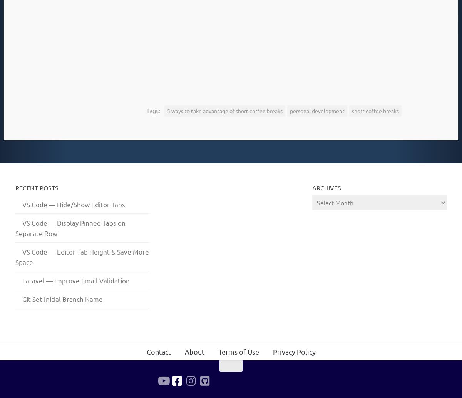 This screenshot has width=462, height=398. Describe the element at coordinates (273, 351) in the screenshot. I see `'Privacy Policy'` at that location.